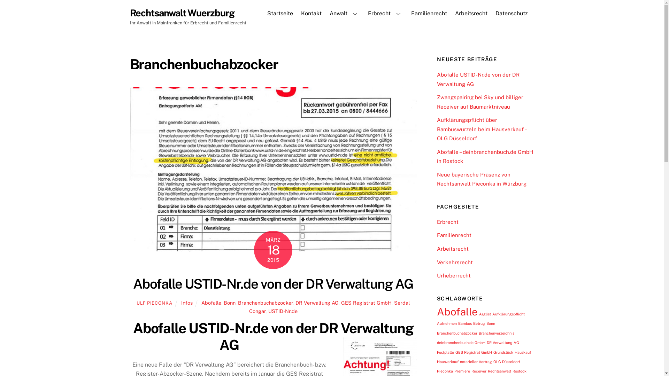 The height and width of the screenshot is (376, 669). What do you see at coordinates (454, 275) in the screenshot?
I see `'Urheberrecht'` at bounding box center [454, 275].